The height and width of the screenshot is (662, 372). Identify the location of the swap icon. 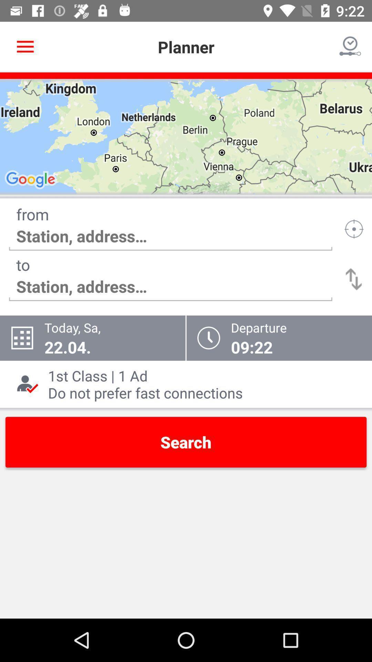
(354, 279).